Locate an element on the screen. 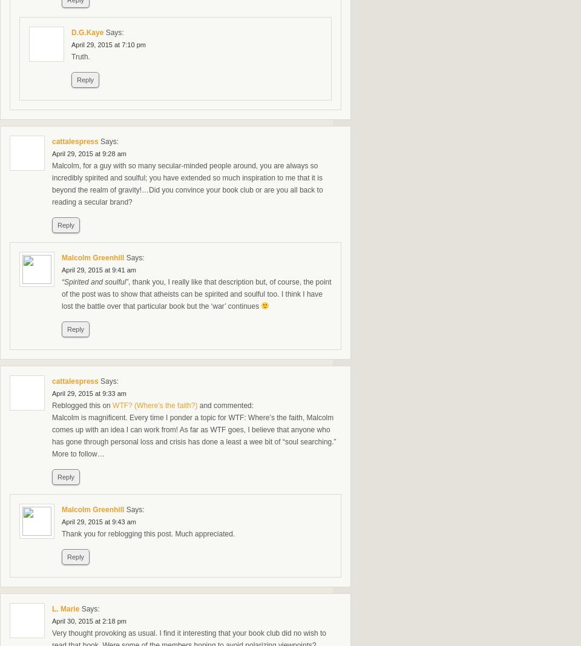  'WTF? (Where's the faith?)' is located at coordinates (154, 405).